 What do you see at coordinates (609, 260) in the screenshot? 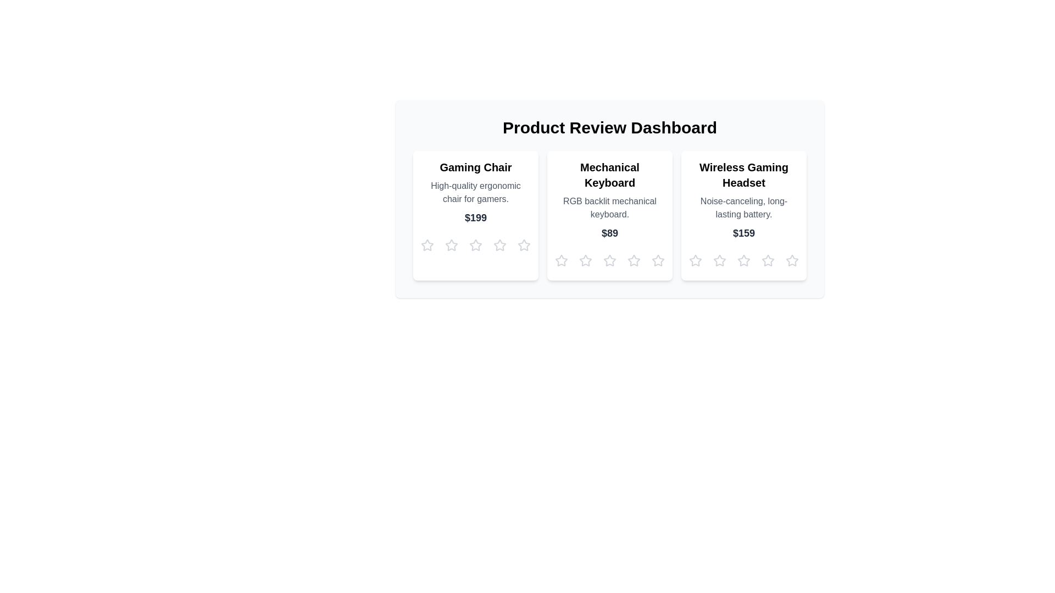
I see `the star corresponding to 3 for the product Mechanical Keyboard` at bounding box center [609, 260].